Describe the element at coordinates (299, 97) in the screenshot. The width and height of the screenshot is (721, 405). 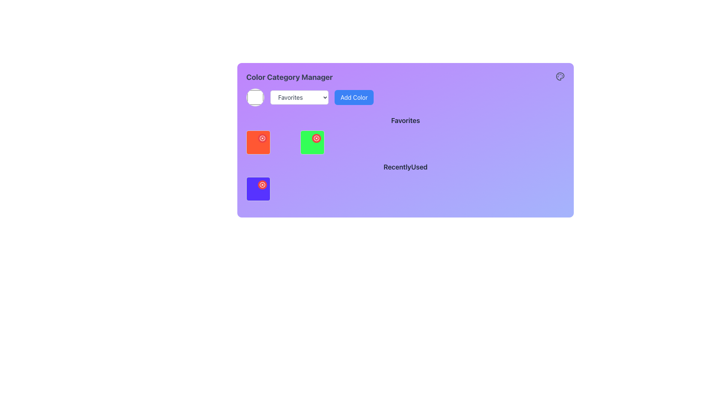
I see `an option from the 'Favorites' dropdown menu, which is a rectangular box with rounded corners and a downward-pointing arrow icon, located near the top-left area of the main interface` at that location.